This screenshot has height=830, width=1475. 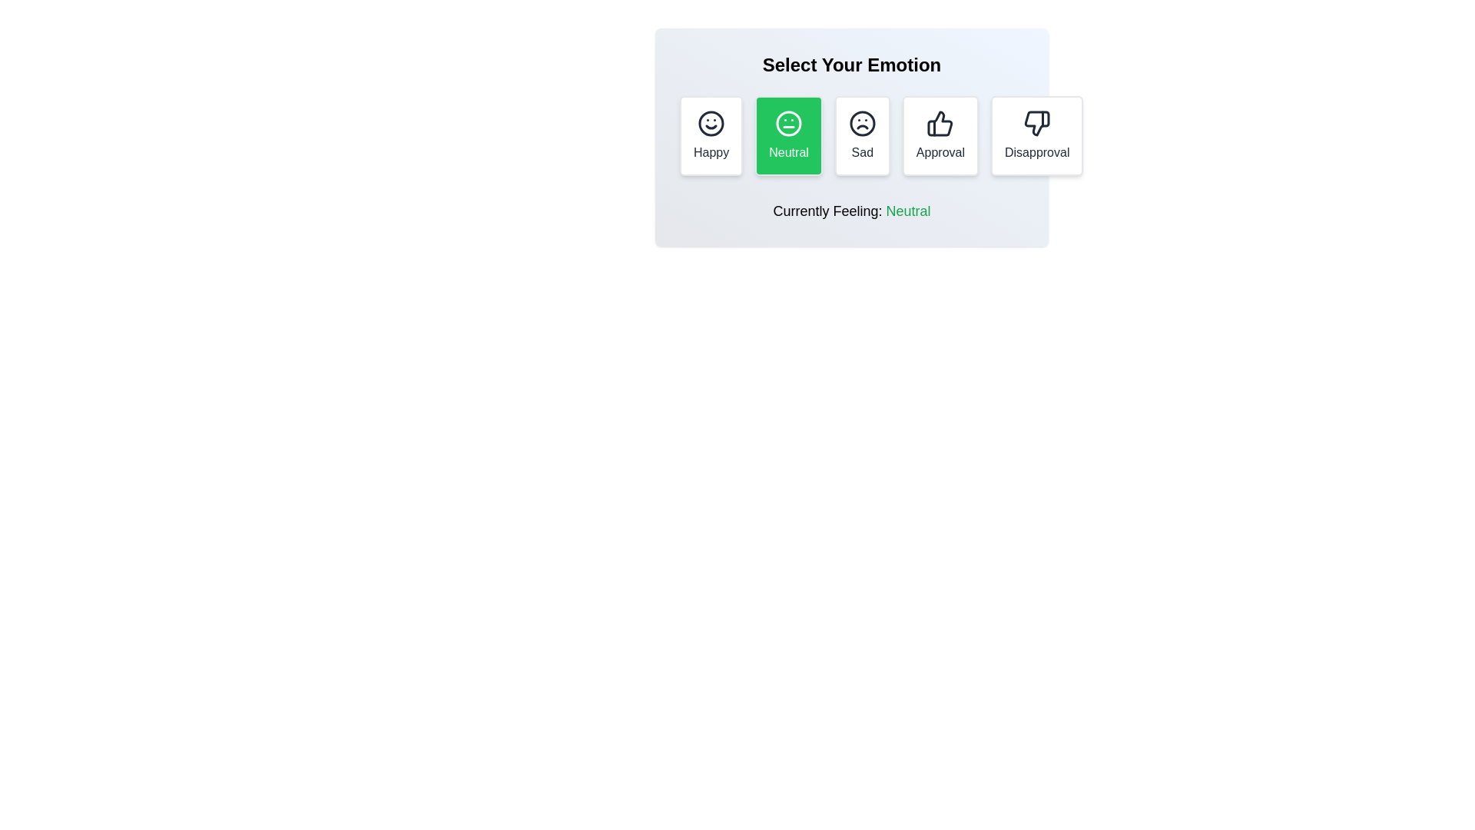 I want to click on the Approval button to select the corresponding reaction, so click(x=940, y=135).